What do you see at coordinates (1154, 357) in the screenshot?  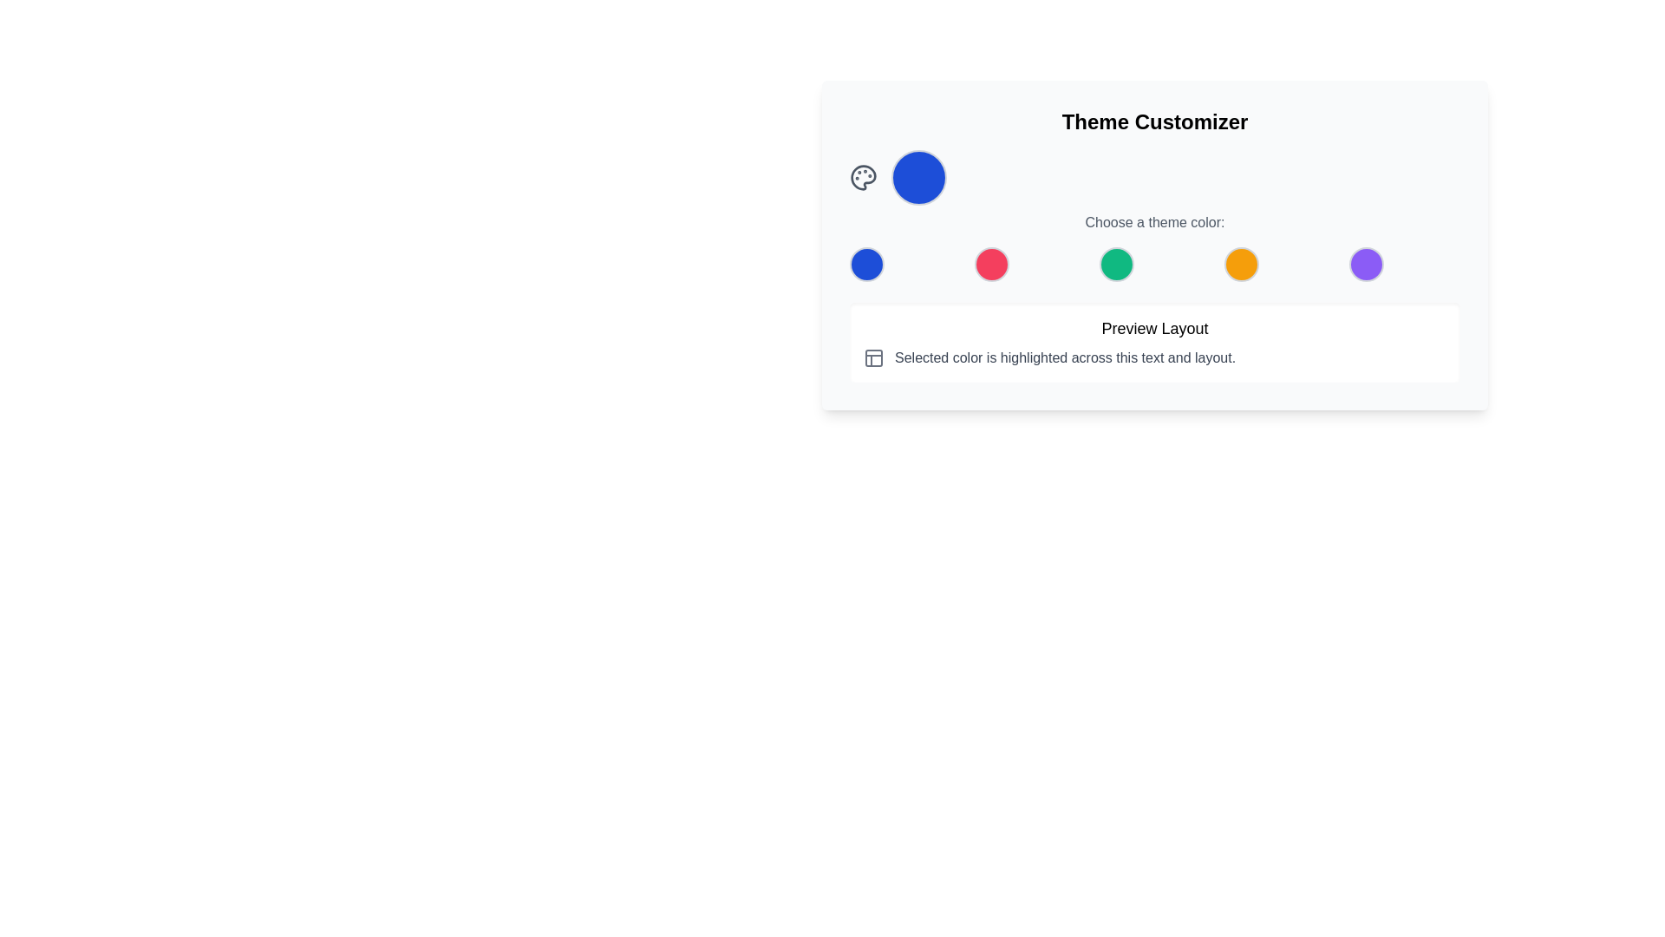 I see `the text element indicating the selected theme's color, located below the 'Preview Layout' header` at bounding box center [1154, 357].